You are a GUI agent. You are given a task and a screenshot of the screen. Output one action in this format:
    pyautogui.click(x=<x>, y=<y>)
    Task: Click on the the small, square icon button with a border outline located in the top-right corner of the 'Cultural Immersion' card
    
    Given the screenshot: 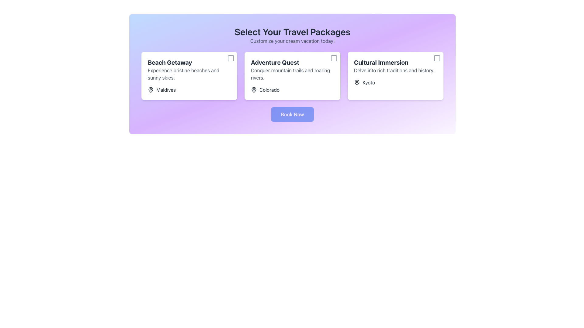 What is the action you would take?
    pyautogui.click(x=436, y=58)
    